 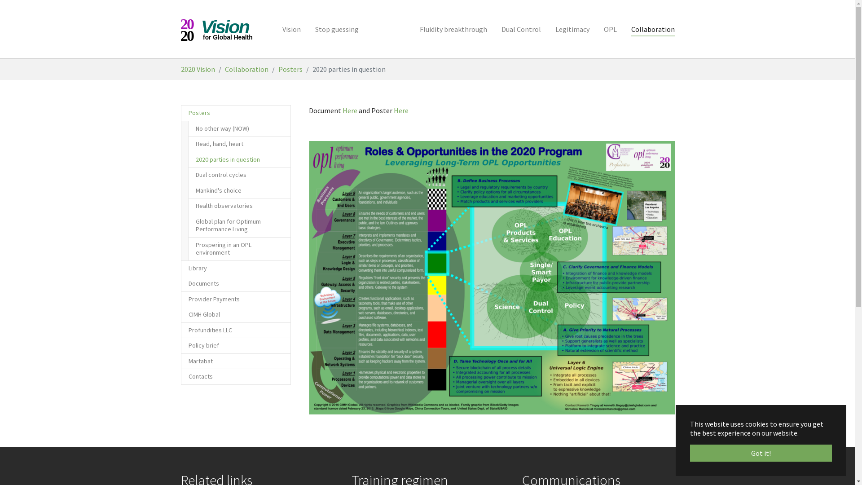 What do you see at coordinates (239, 249) in the screenshot?
I see `'Prospering in an OPL environment'` at bounding box center [239, 249].